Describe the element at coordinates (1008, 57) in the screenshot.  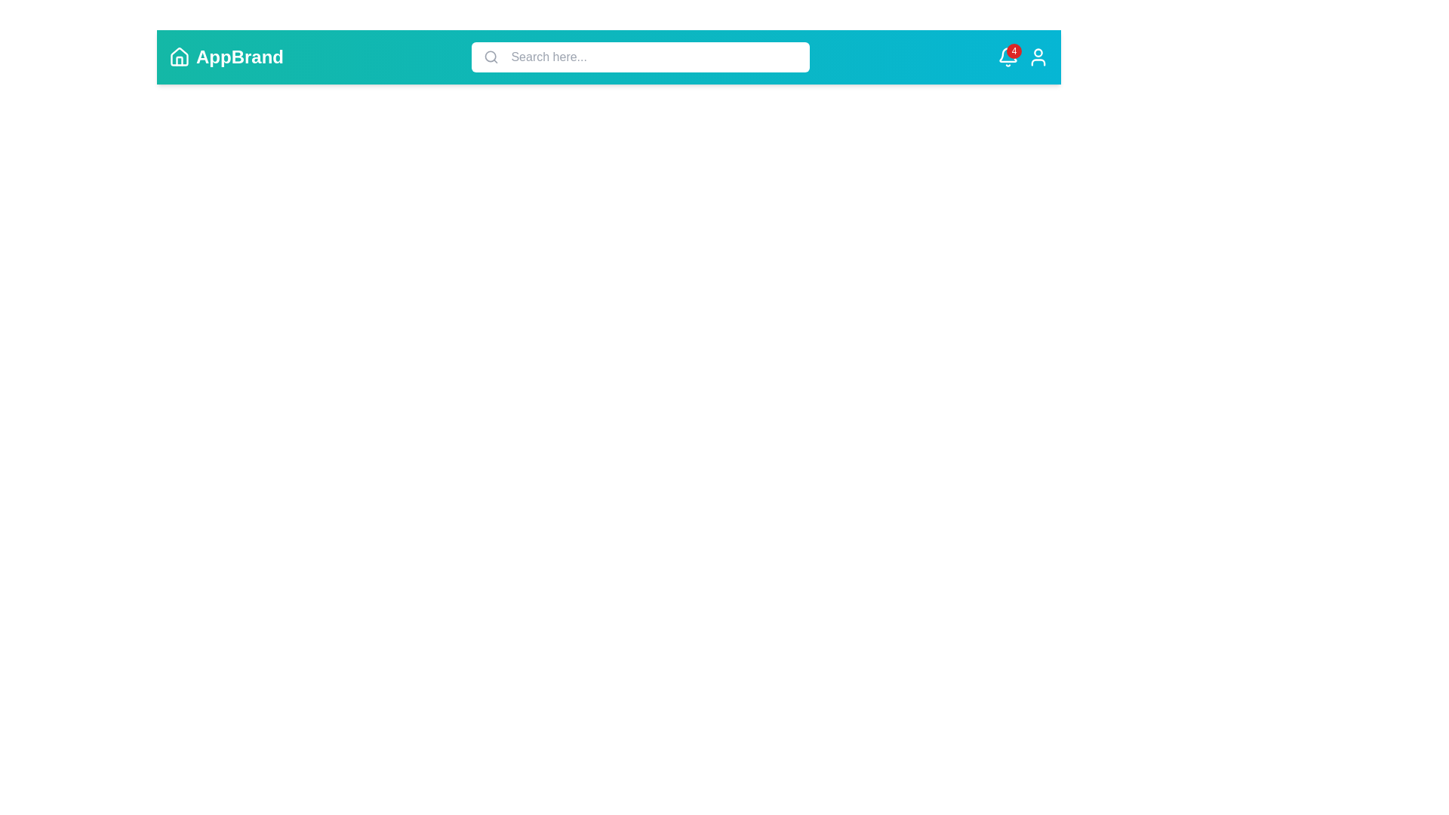
I see `the notification icon to interact with it` at that location.